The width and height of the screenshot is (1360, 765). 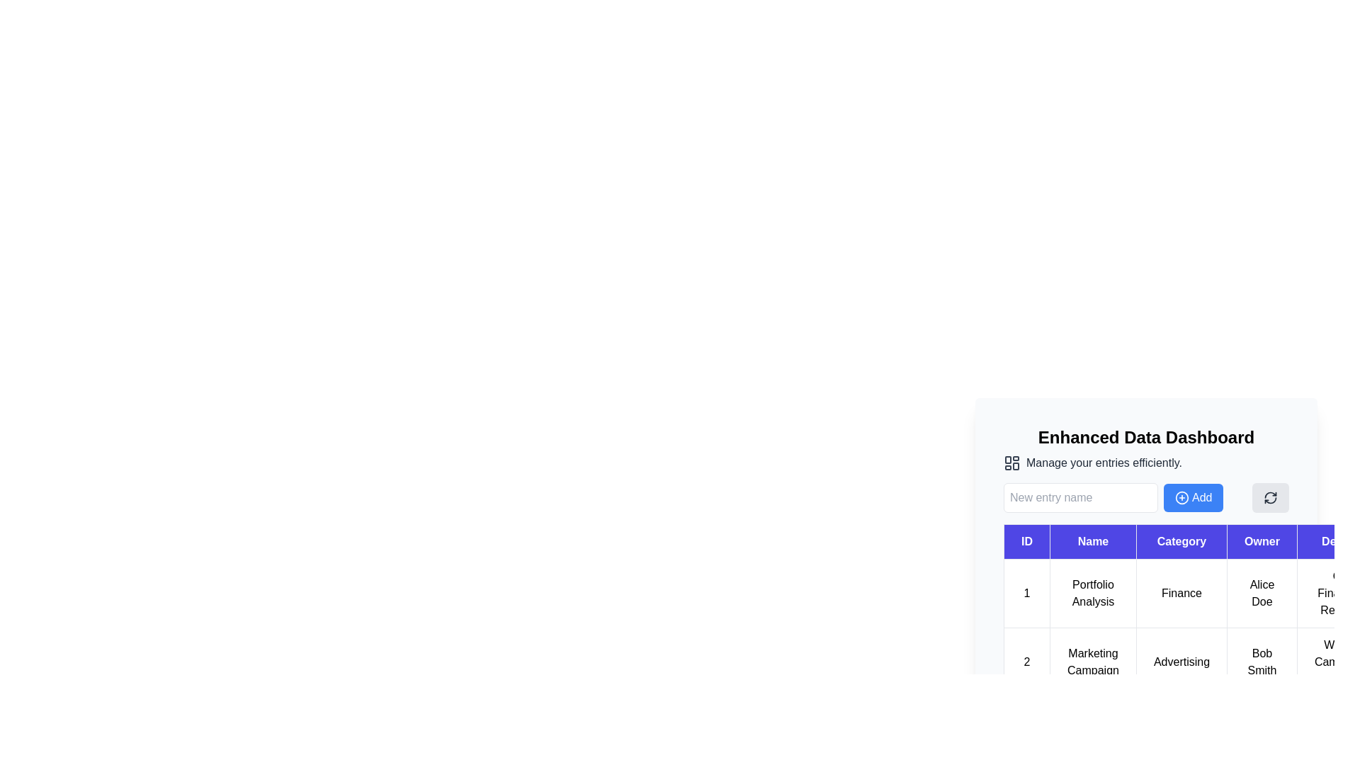 What do you see at coordinates (1092, 662) in the screenshot?
I see `the table cell displaying 'Marketing Campaign', which is the second cell` at bounding box center [1092, 662].